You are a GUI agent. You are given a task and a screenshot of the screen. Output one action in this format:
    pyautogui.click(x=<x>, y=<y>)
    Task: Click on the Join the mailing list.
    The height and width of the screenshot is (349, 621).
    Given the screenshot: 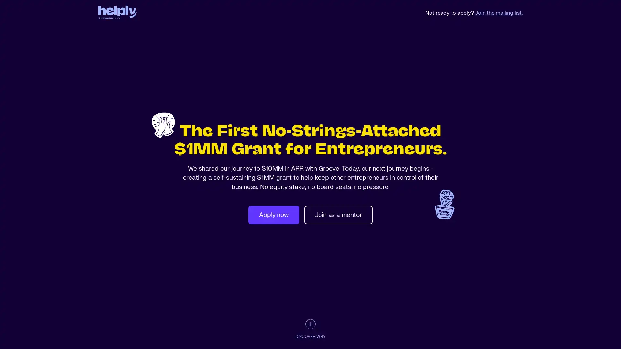 What is the action you would take?
    pyautogui.click(x=498, y=13)
    